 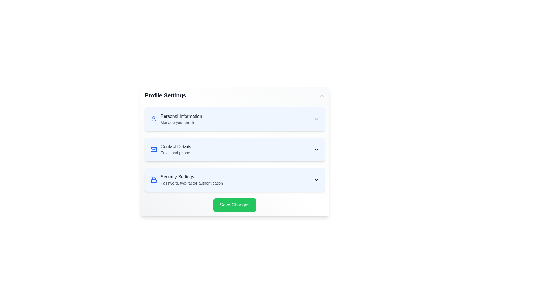 What do you see at coordinates (192, 183) in the screenshot?
I see `the descriptive text label that informs users about the 'Security Settings' section, located below the 'Security Settings' heading in the third expandable section of the 'Profile Settings' interface` at bounding box center [192, 183].